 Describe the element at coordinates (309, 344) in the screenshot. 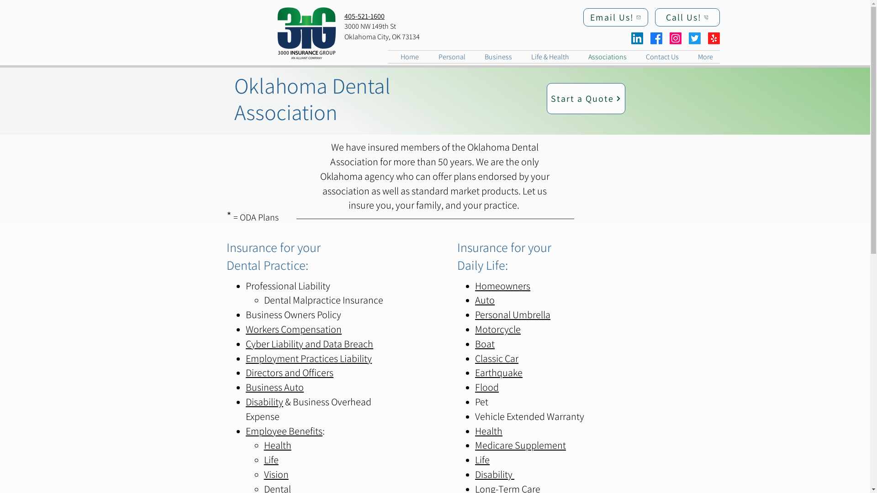

I see `'Cyber Liability and Data Breach'` at that location.